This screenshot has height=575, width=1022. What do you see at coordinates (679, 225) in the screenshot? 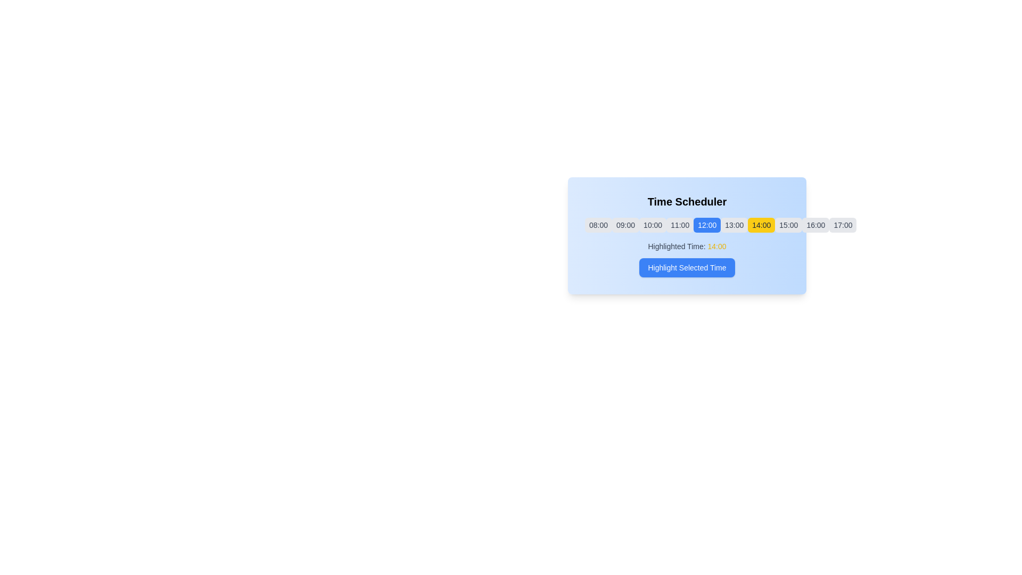
I see `the button labeled '11:00', which has a light gray background and dark gray text, positioned fourth in a horizontal row below 'Time Scheduler'` at bounding box center [679, 225].